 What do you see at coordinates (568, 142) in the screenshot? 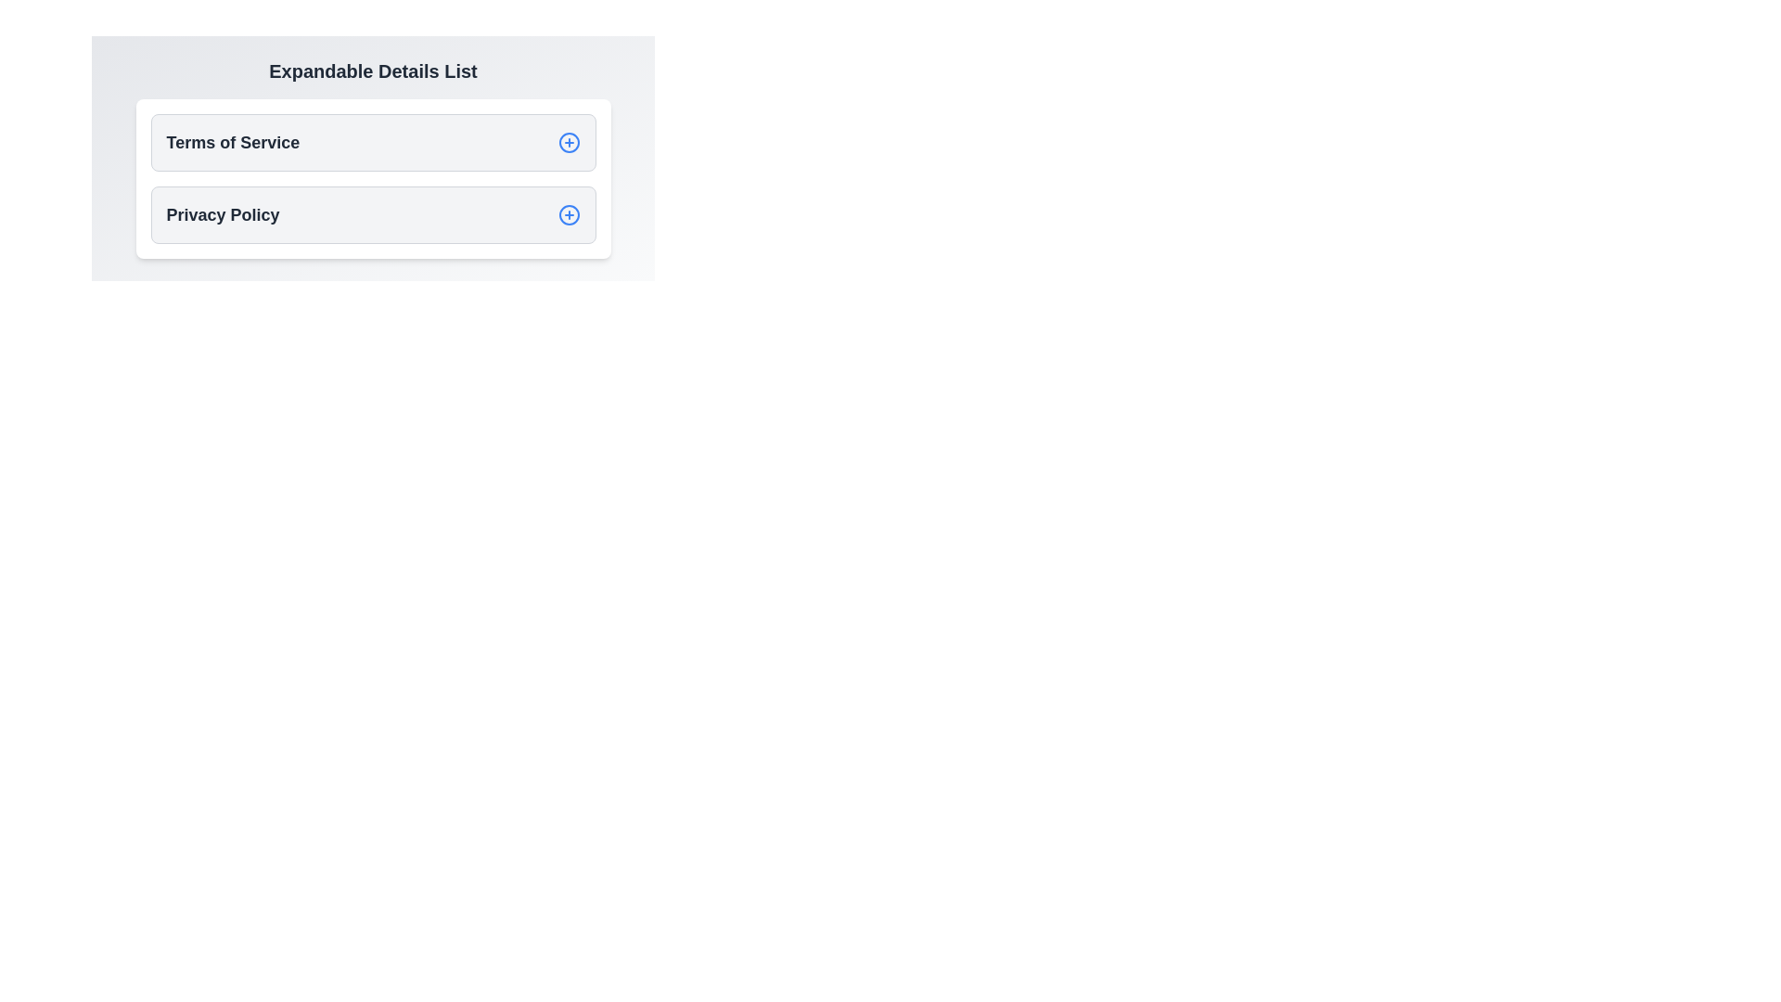
I see `the button located to the far right of the 'Terms of Service' label` at bounding box center [568, 142].